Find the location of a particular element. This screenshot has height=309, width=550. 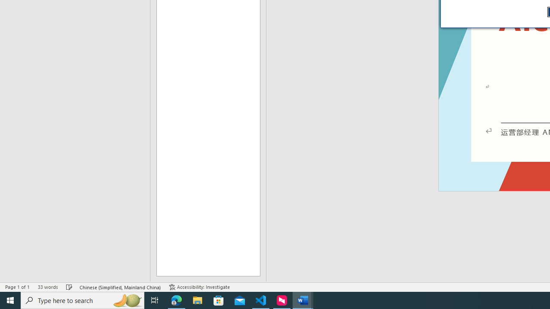

'Word - 2 running windows' is located at coordinates (303, 300).